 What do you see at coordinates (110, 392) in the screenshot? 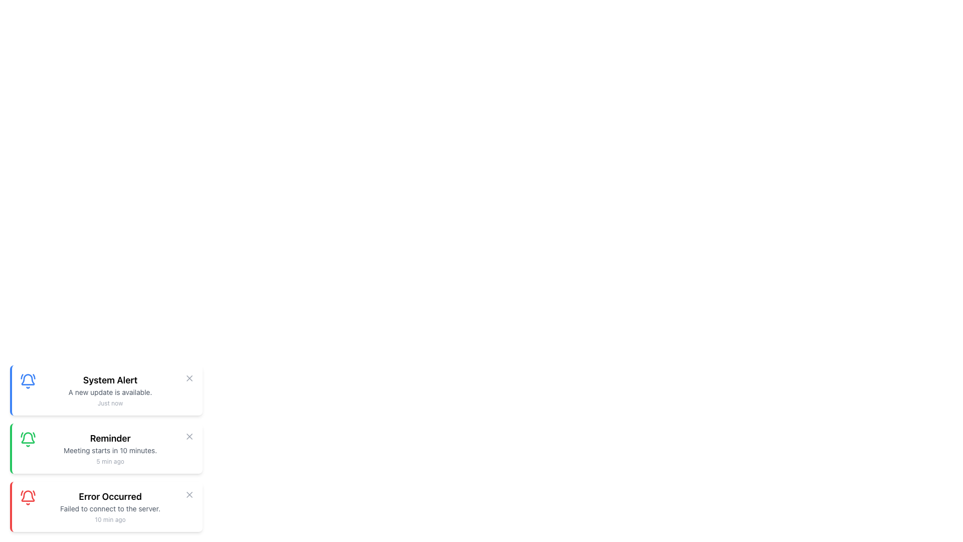
I see `message content of the label displaying 'A new update is available.', which is located beneath the 'System Alert' header and above the 'Just now' timestamp` at bounding box center [110, 392].